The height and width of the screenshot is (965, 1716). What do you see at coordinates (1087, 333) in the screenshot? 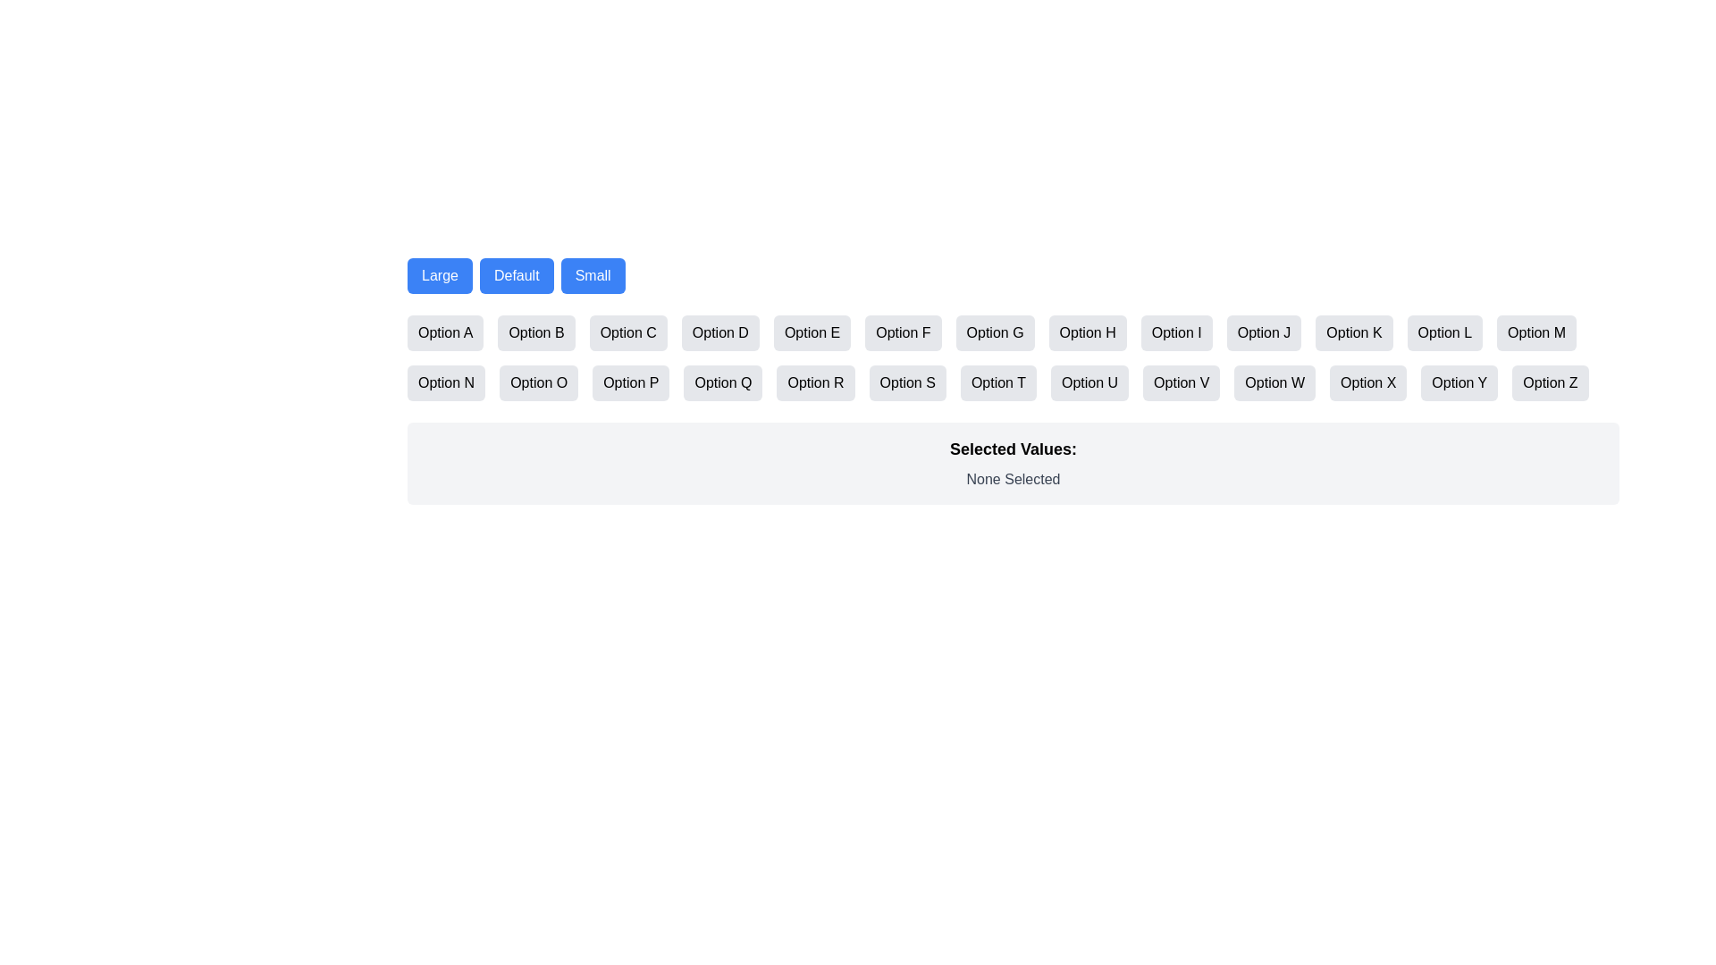
I see `the rectangular button with a light gray background and rounded corners, labeled 'Option H'` at bounding box center [1087, 333].